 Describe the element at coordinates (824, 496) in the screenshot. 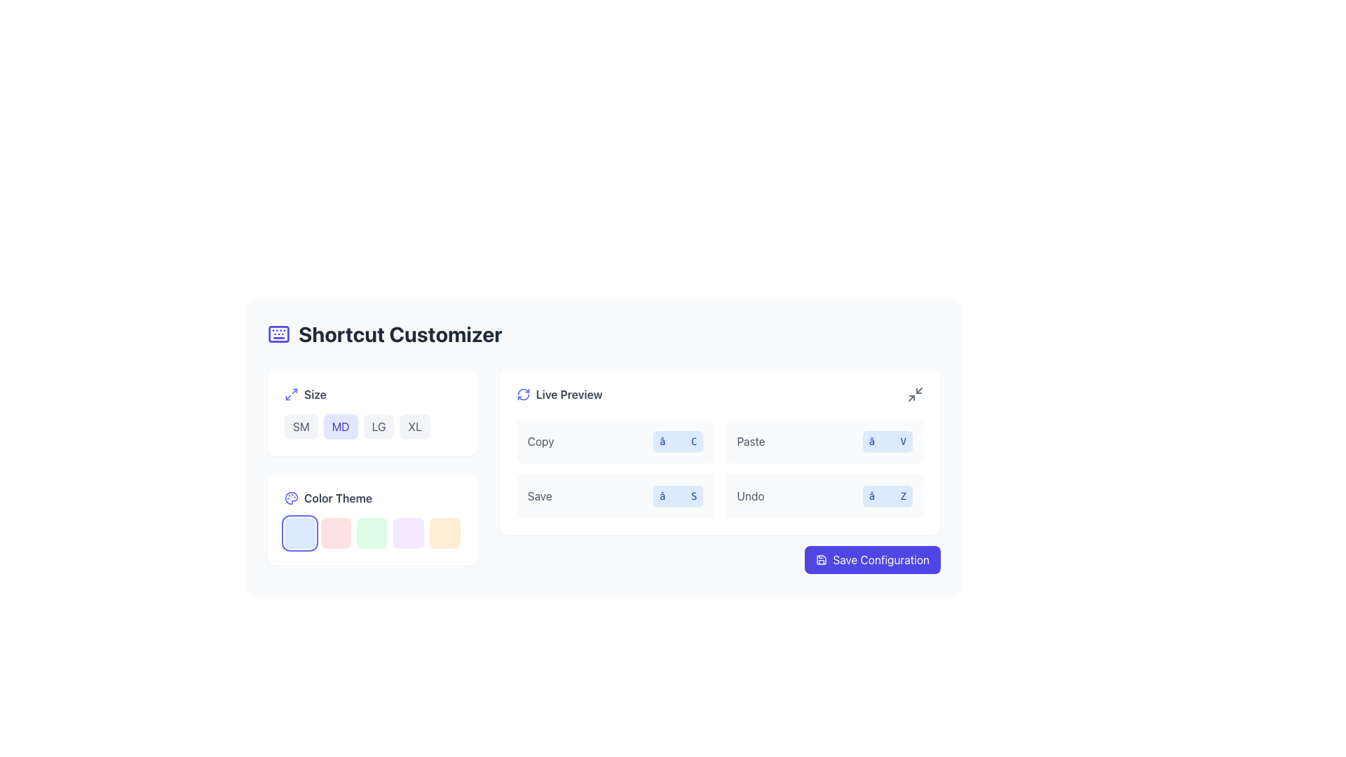

I see `the button-like element displaying '⌘ Z' located in the bottom-right grid of the interface, specifically within the 'Live Preview' section` at that location.